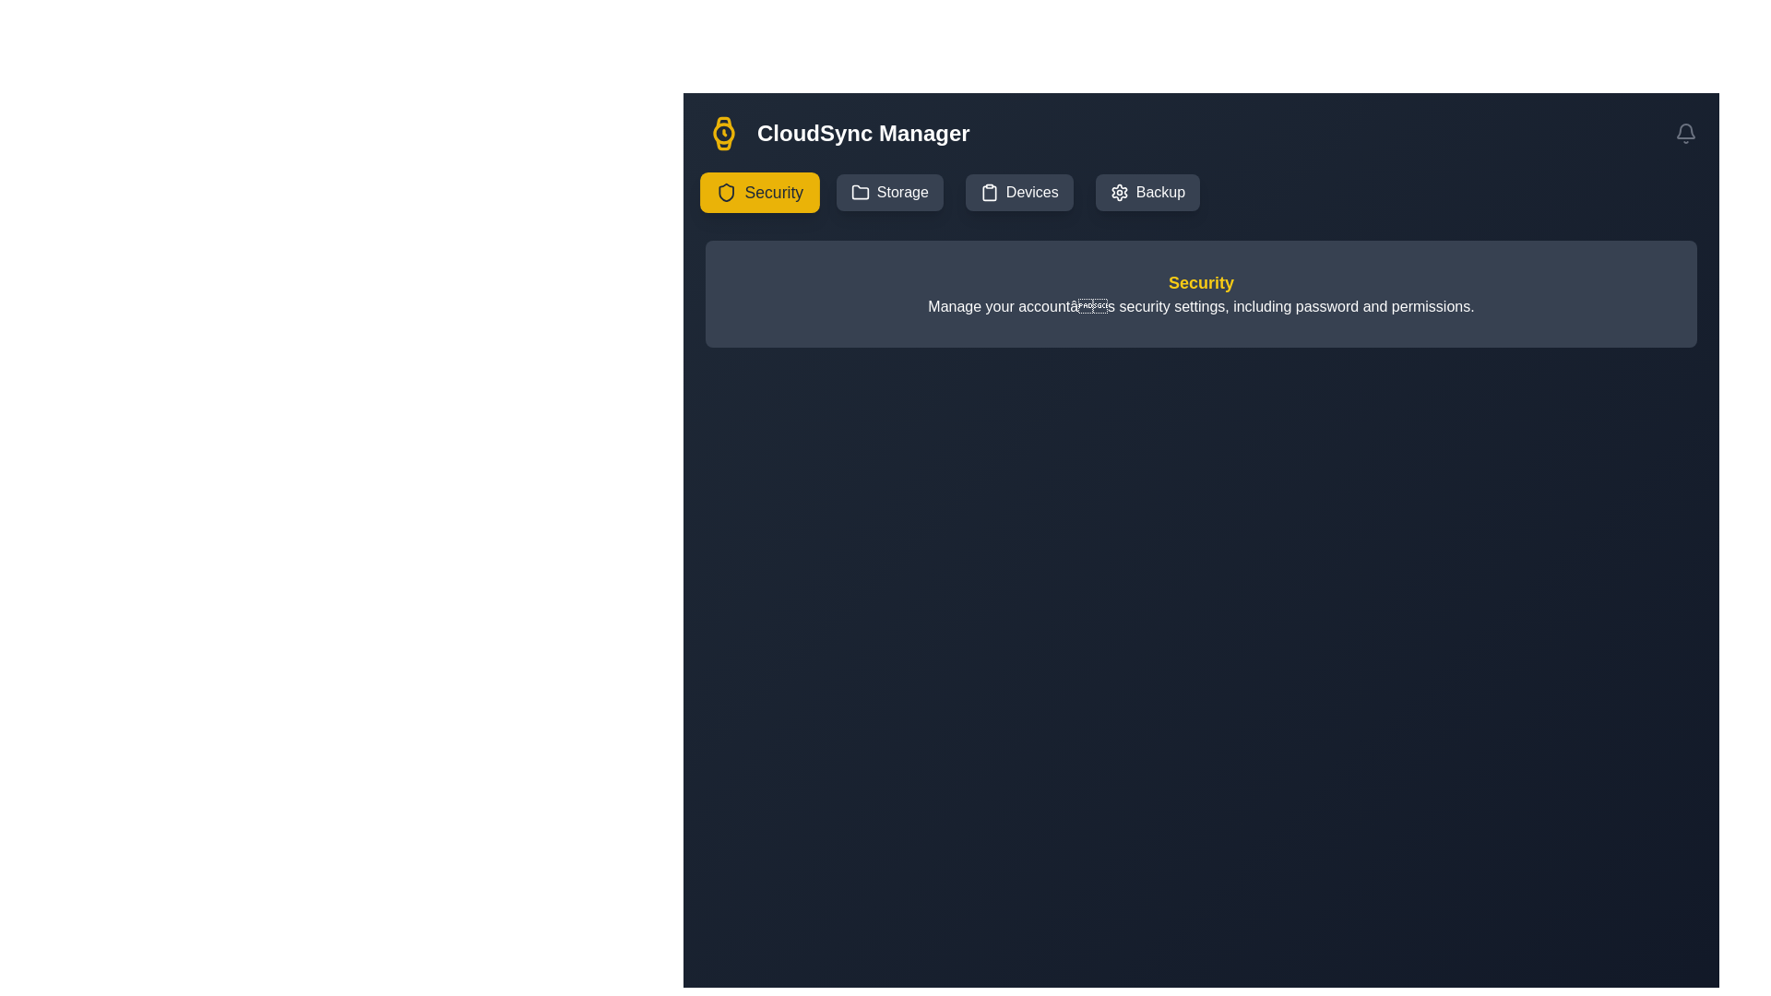 This screenshot has width=1771, height=996. What do you see at coordinates (1147, 192) in the screenshot?
I see `the fourth navigation button from the left in the top area of the interface` at bounding box center [1147, 192].